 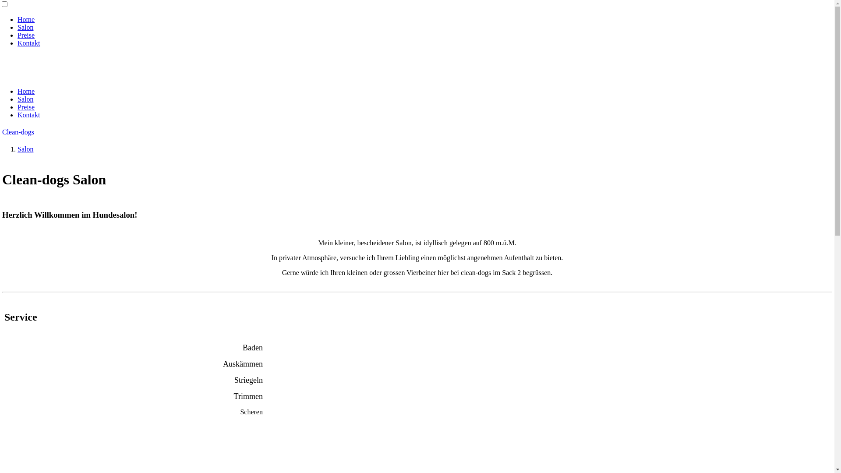 I want to click on 'Home', so click(x=26, y=19).